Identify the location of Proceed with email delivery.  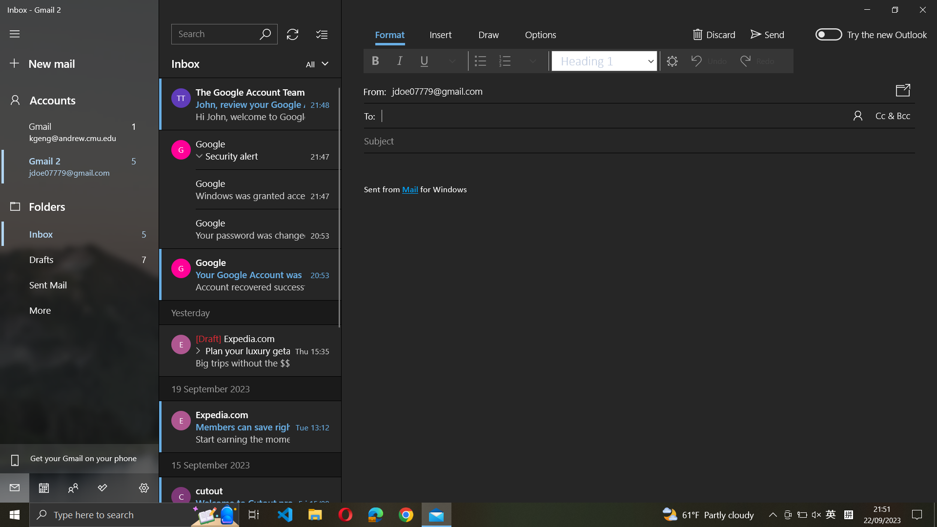
(767, 33).